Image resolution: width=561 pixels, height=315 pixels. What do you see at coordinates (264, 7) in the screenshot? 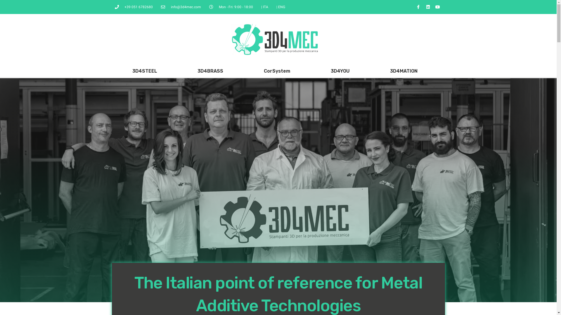
I see `'| ITA'` at bounding box center [264, 7].